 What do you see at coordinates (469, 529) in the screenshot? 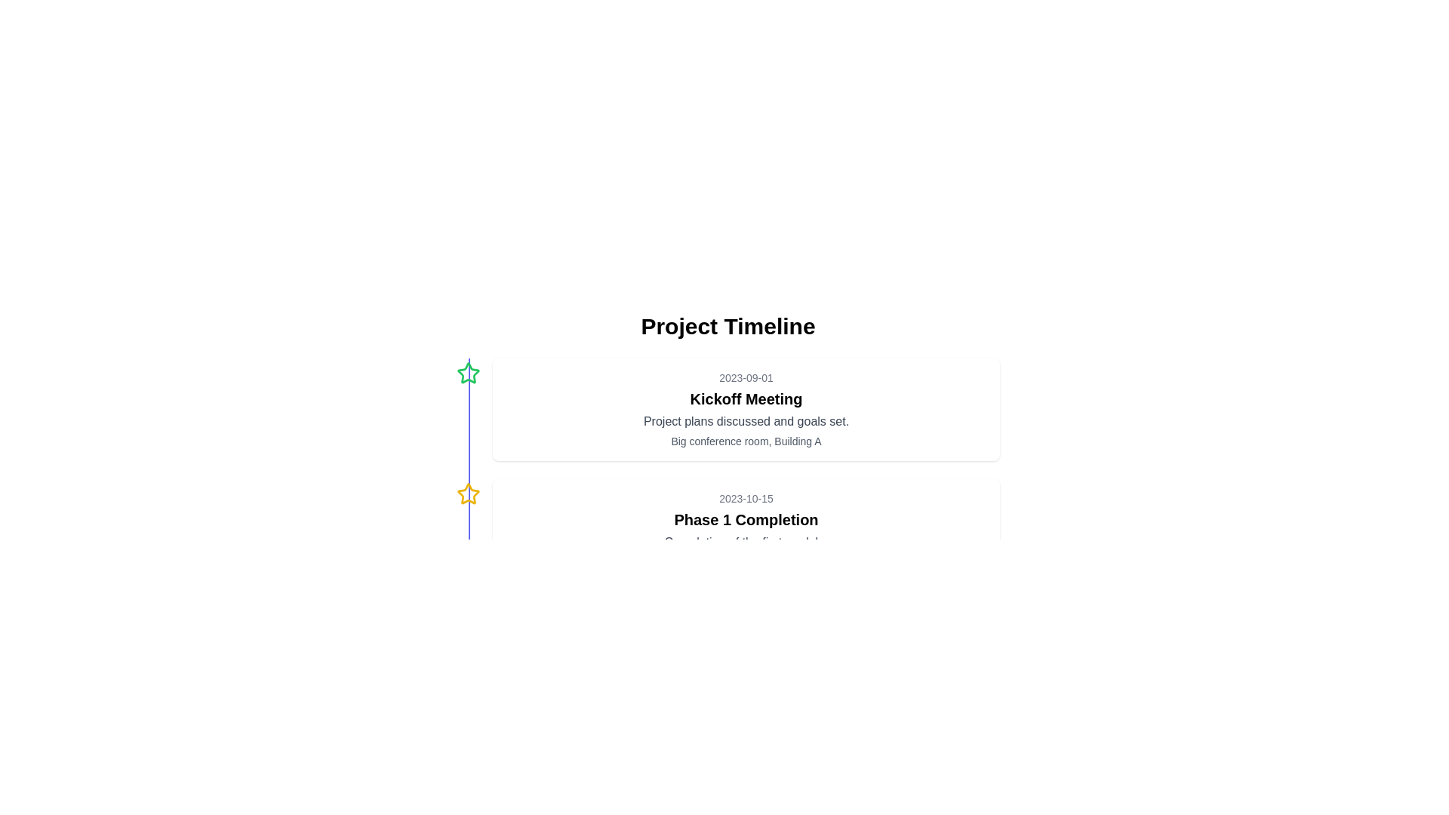
I see `the vertical separator line that visually connects events in the timeline interface, positioned centrally between 'Kickoff Meeting' and 'Phase 1 Completion'` at bounding box center [469, 529].